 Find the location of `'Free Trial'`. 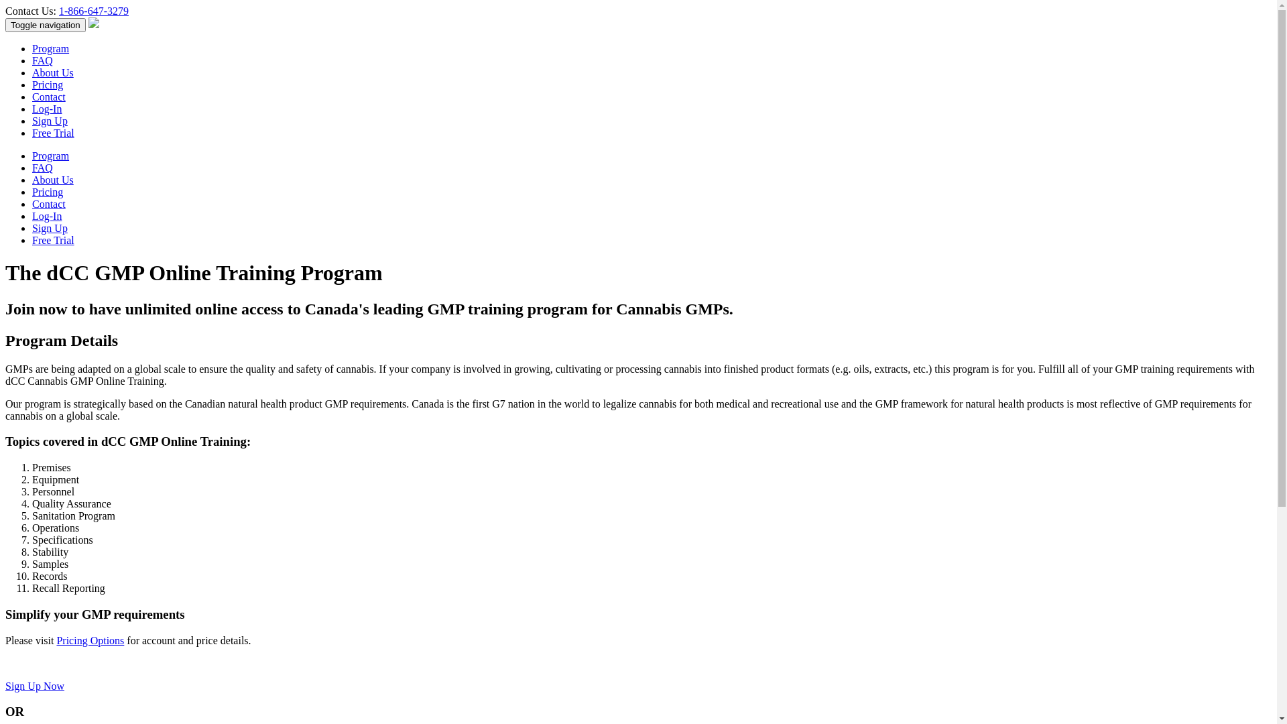

'Free Trial' is located at coordinates (53, 239).